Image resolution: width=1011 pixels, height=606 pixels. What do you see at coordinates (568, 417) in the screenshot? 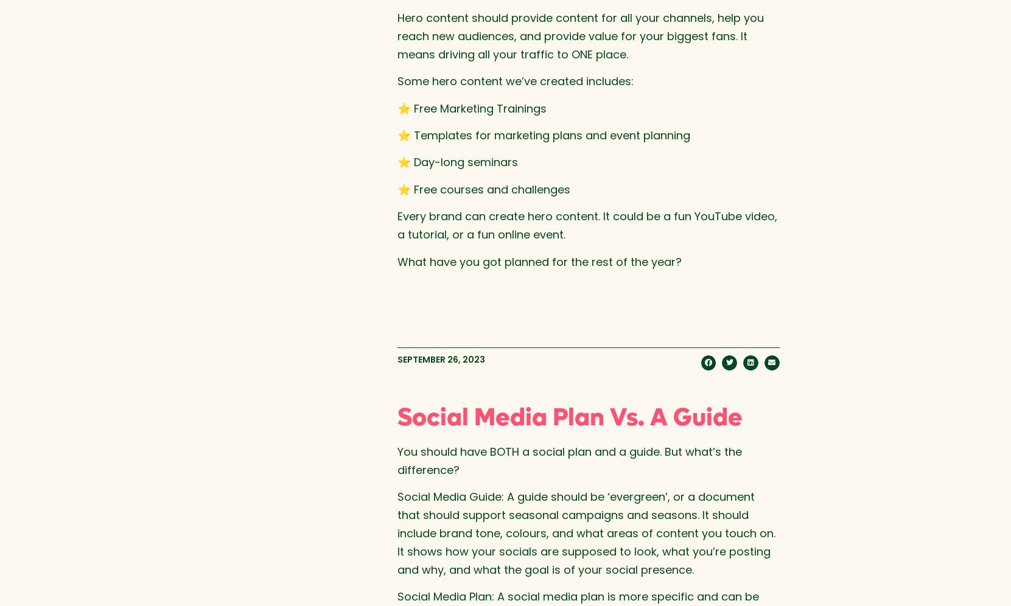
I see `'Social Media Plan Vs. A Guide'` at bounding box center [568, 417].